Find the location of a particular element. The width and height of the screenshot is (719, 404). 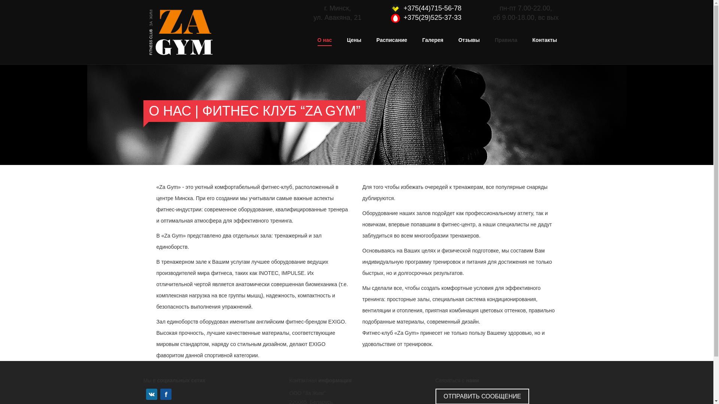

'+375(44)715-56-78' is located at coordinates (433, 8).